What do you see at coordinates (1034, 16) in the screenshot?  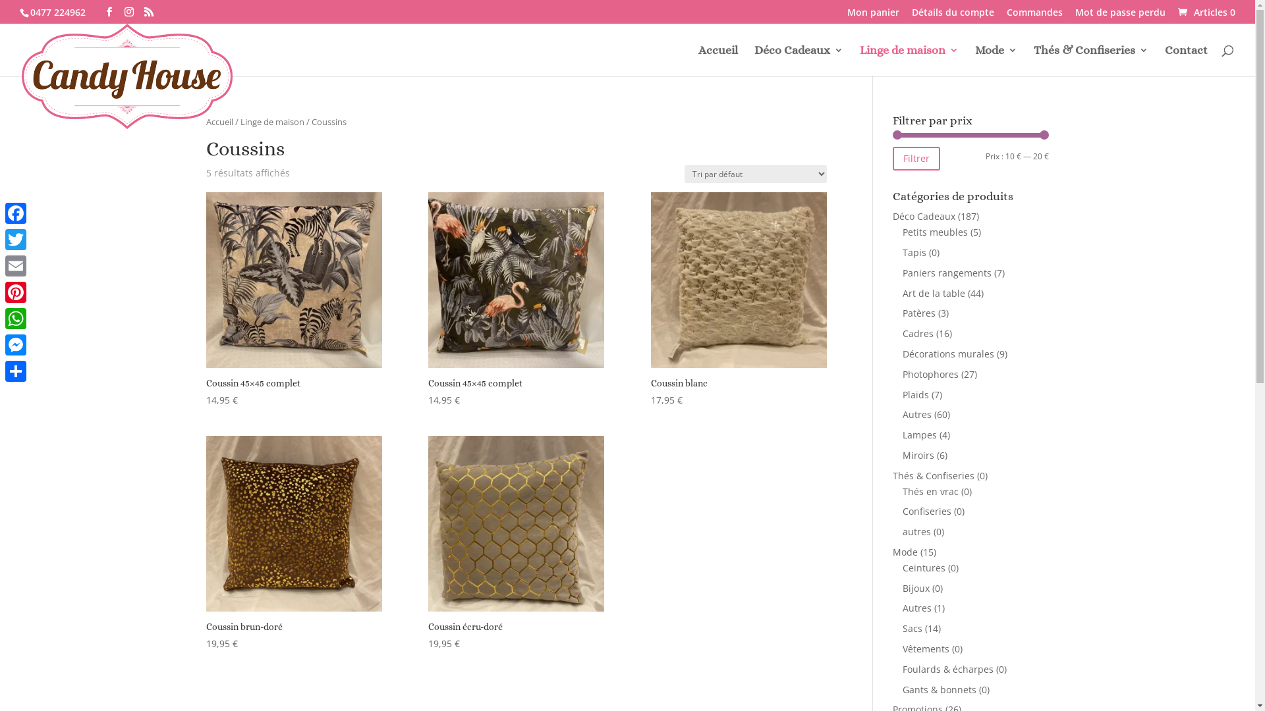 I see `'Commandes'` at bounding box center [1034, 16].